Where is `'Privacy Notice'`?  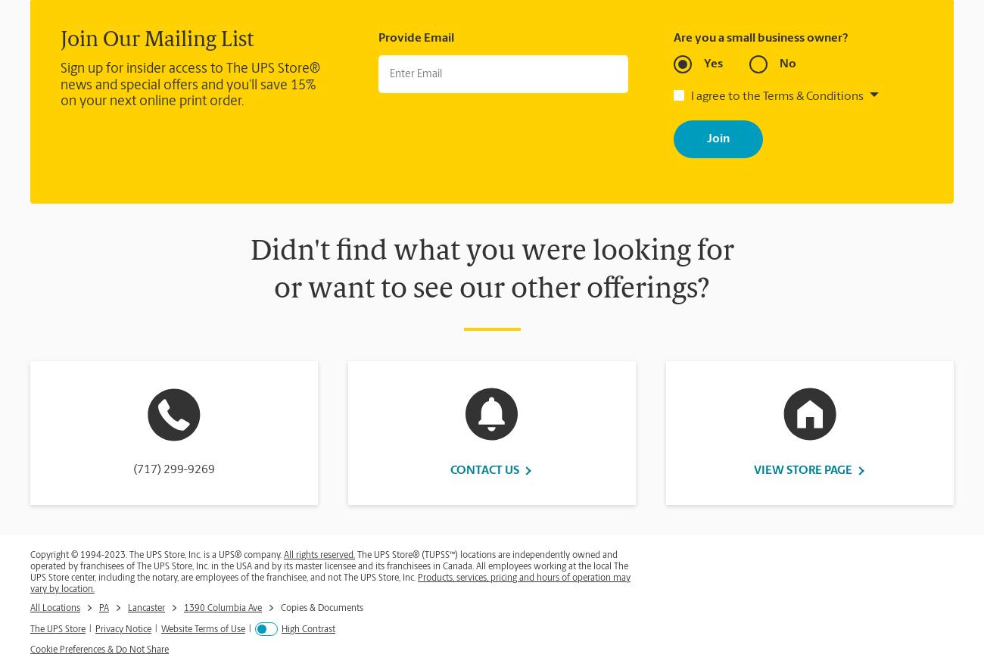 'Privacy Notice' is located at coordinates (123, 629).